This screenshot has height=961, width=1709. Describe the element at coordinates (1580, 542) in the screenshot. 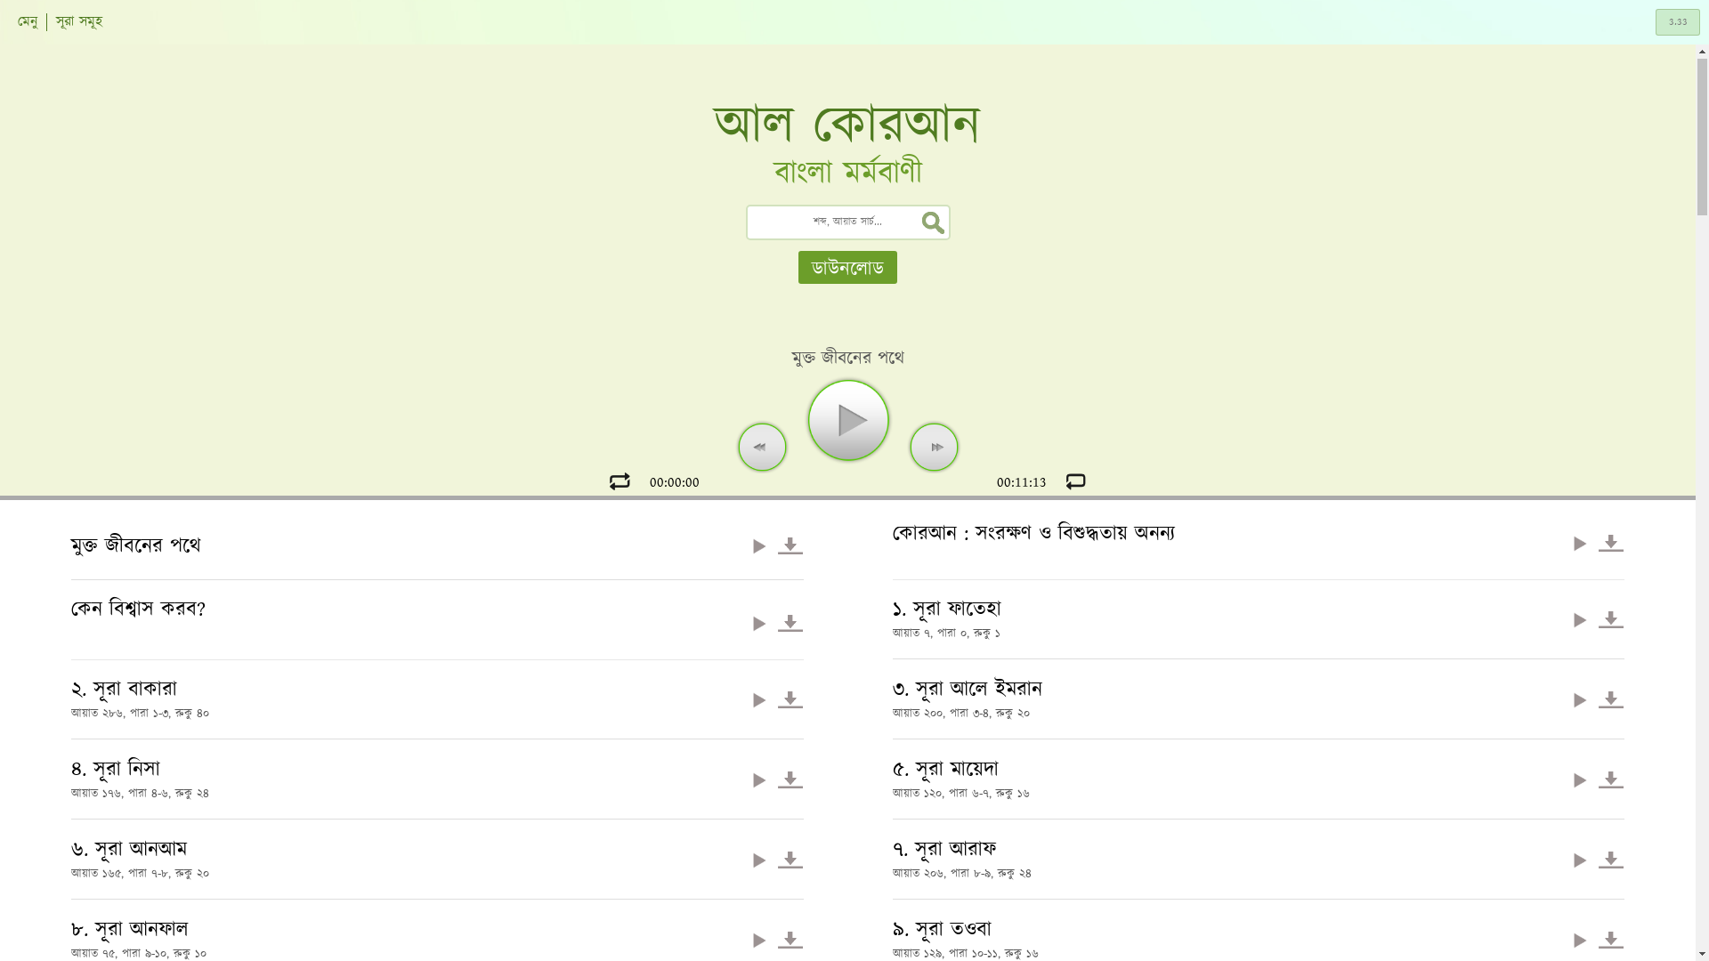

I see `'Play'` at that location.